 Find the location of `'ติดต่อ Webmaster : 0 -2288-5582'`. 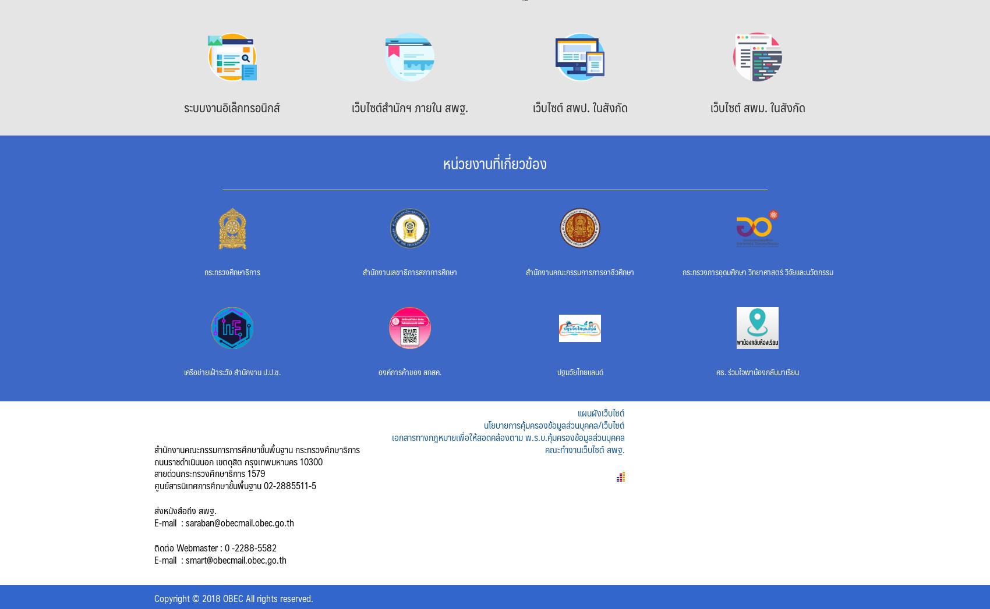

'ติดต่อ Webmaster : 0 -2288-5582' is located at coordinates (214, 547).